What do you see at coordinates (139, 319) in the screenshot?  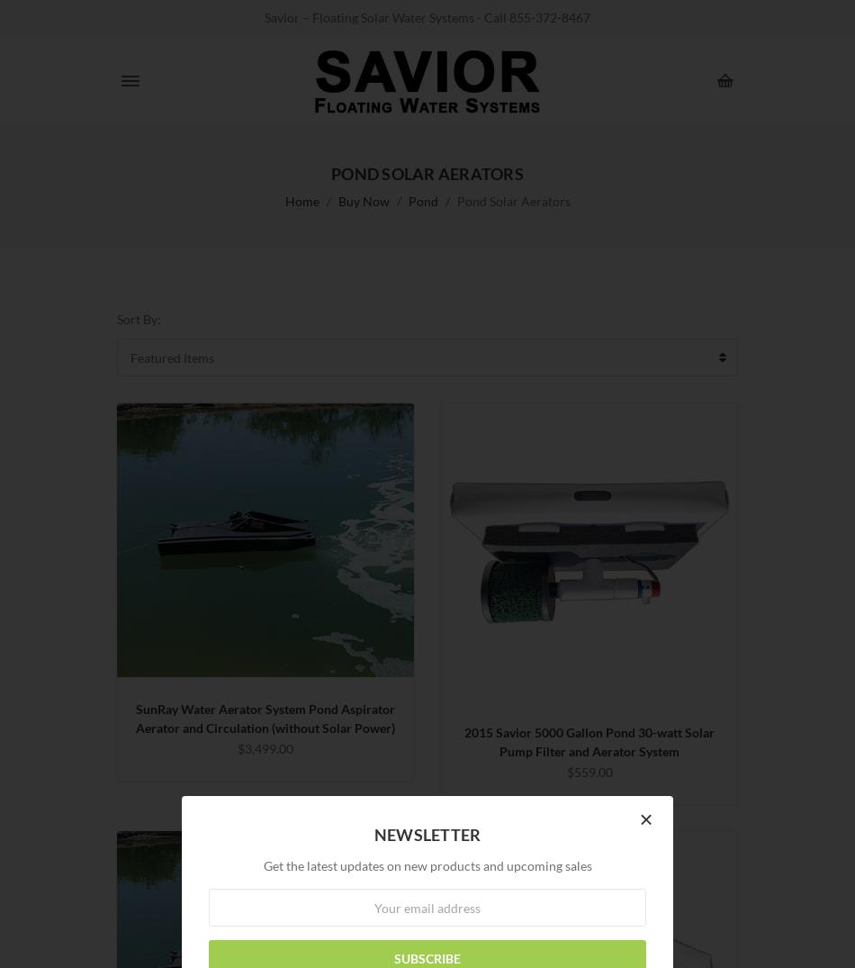 I see `'Sort By:'` at bounding box center [139, 319].